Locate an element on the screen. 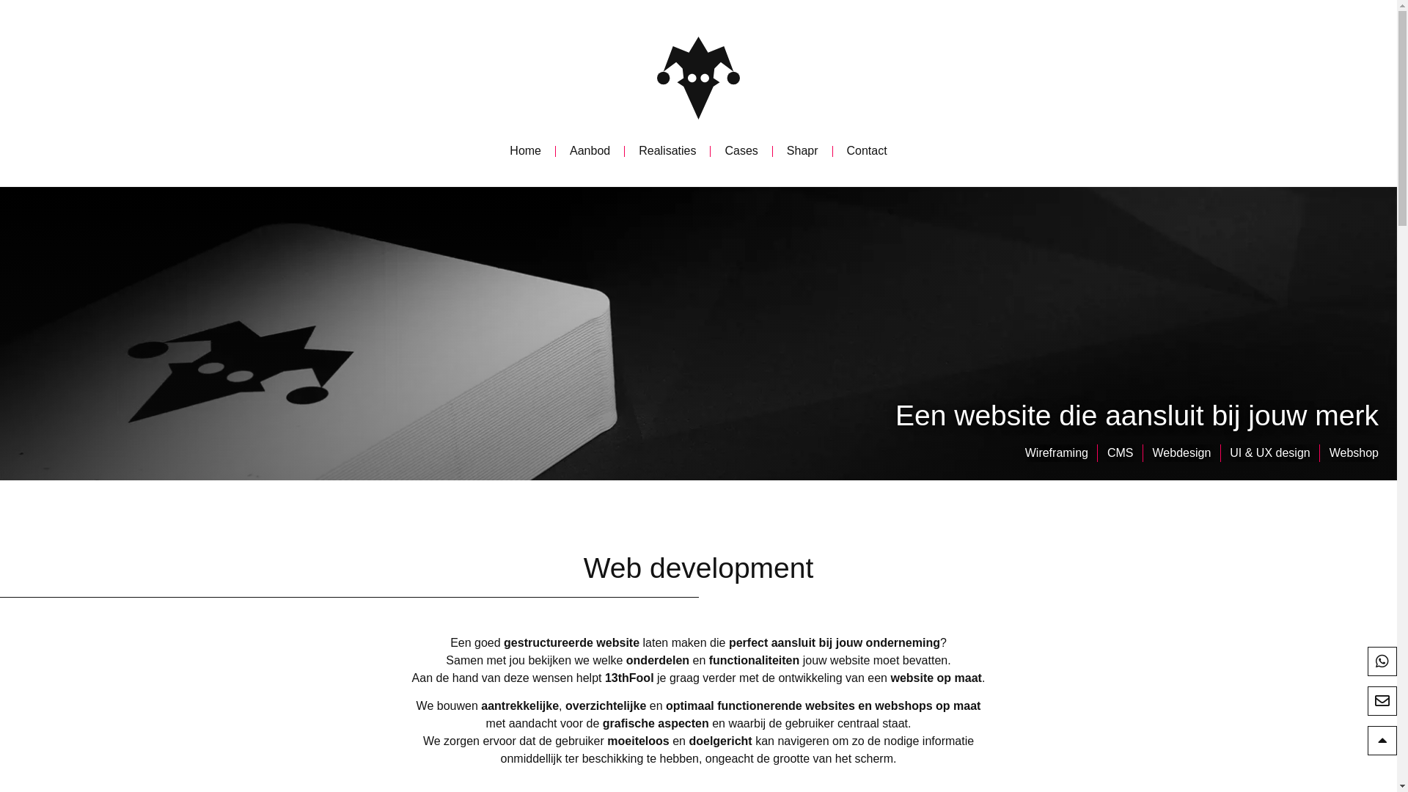 This screenshot has height=792, width=1408. 'perfect aansluit bij jouw onderneming' is located at coordinates (834, 642).